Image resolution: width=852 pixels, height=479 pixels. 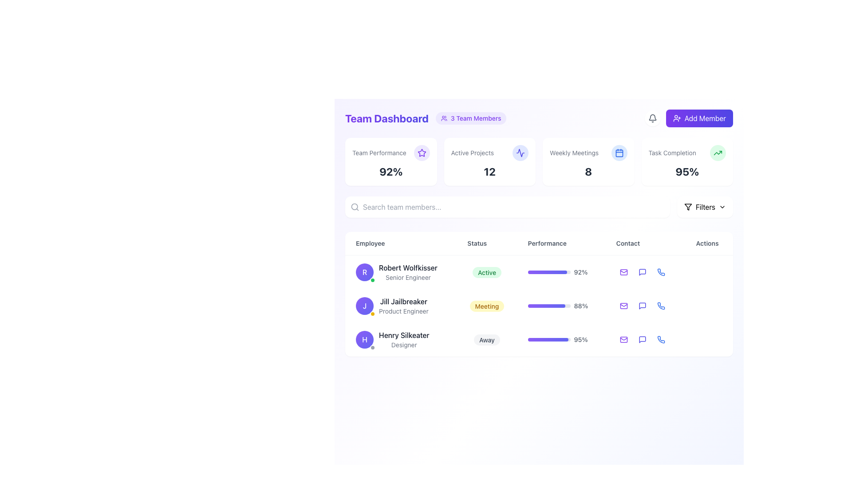 What do you see at coordinates (588, 171) in the screenshot?
I see `the Text display element that shows the number of weekly meetings, which is located at the center-bottom area of the card displaying 'Weekly Meetings' with the number '8'` at bounding box center [588, 171].